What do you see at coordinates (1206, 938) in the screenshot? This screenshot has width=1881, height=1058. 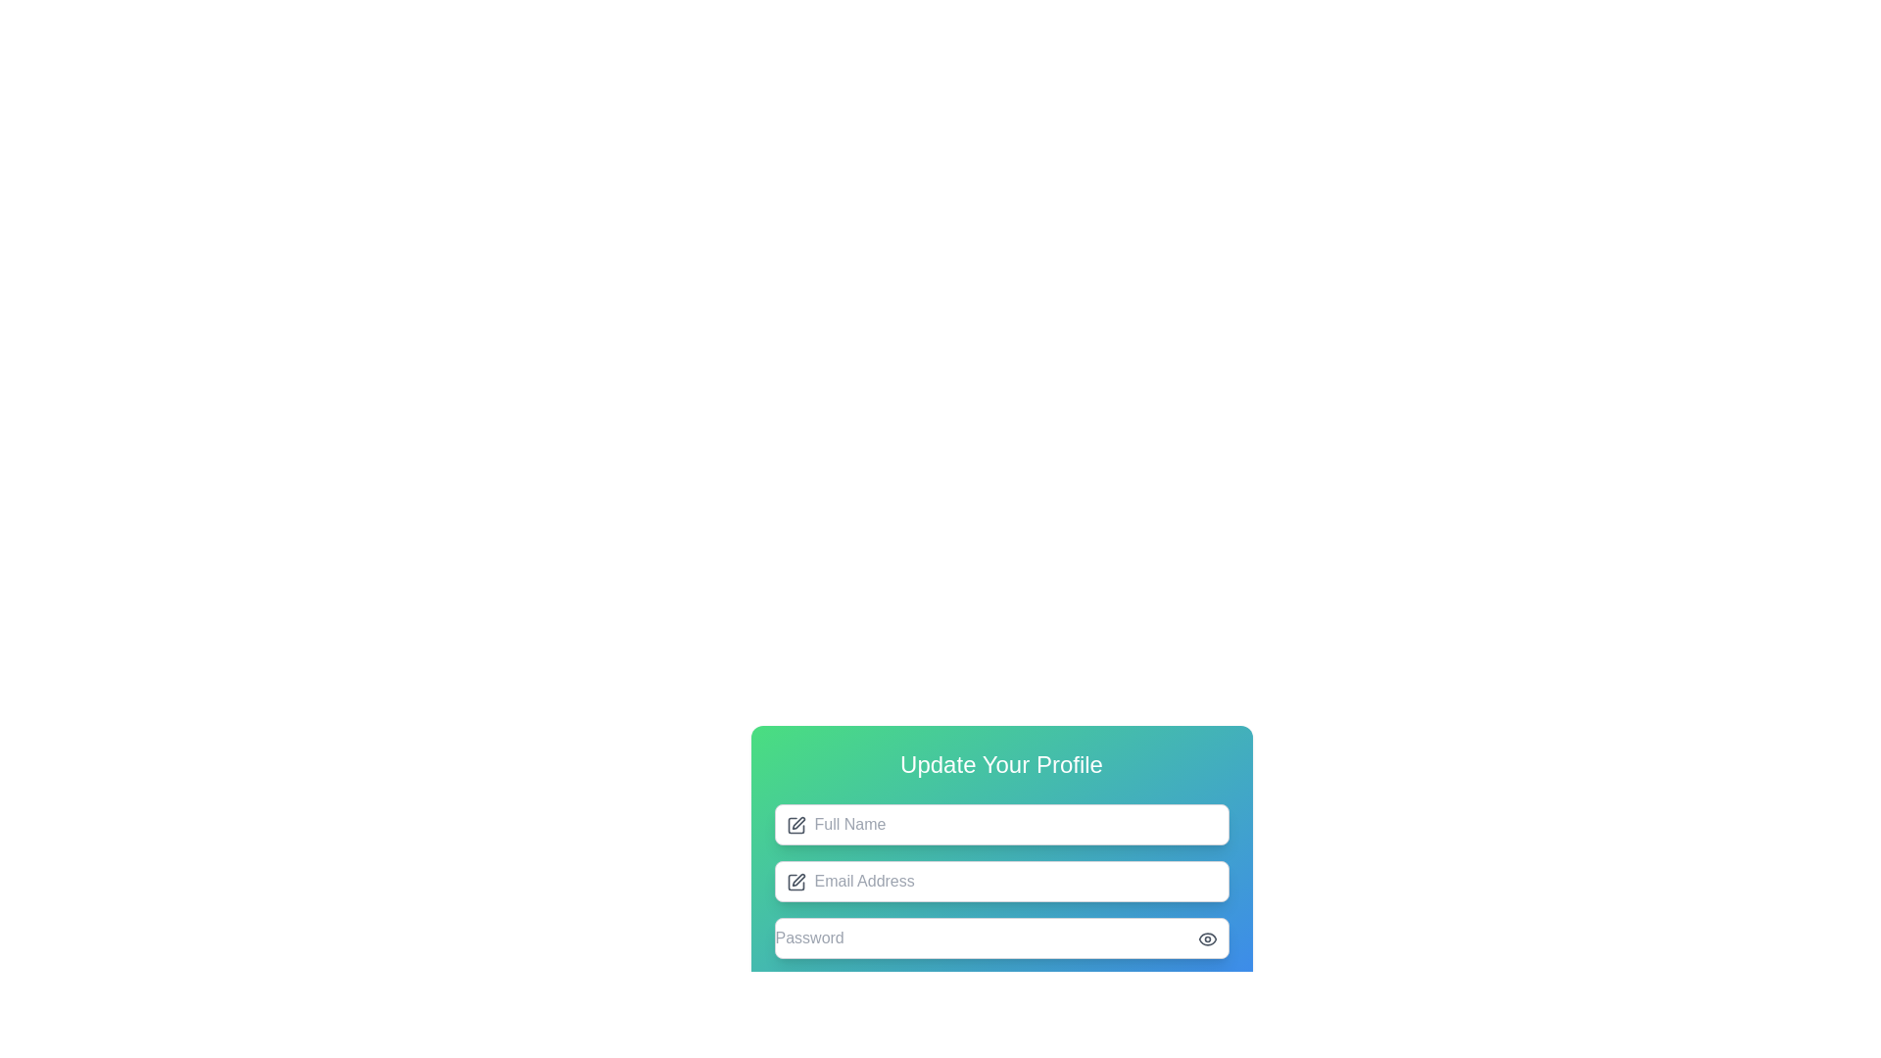 I see `the button with an eye icon located at the top-right corner of the password input field in the 'Update Your Profile' form` at bounding box center [1206, 938].